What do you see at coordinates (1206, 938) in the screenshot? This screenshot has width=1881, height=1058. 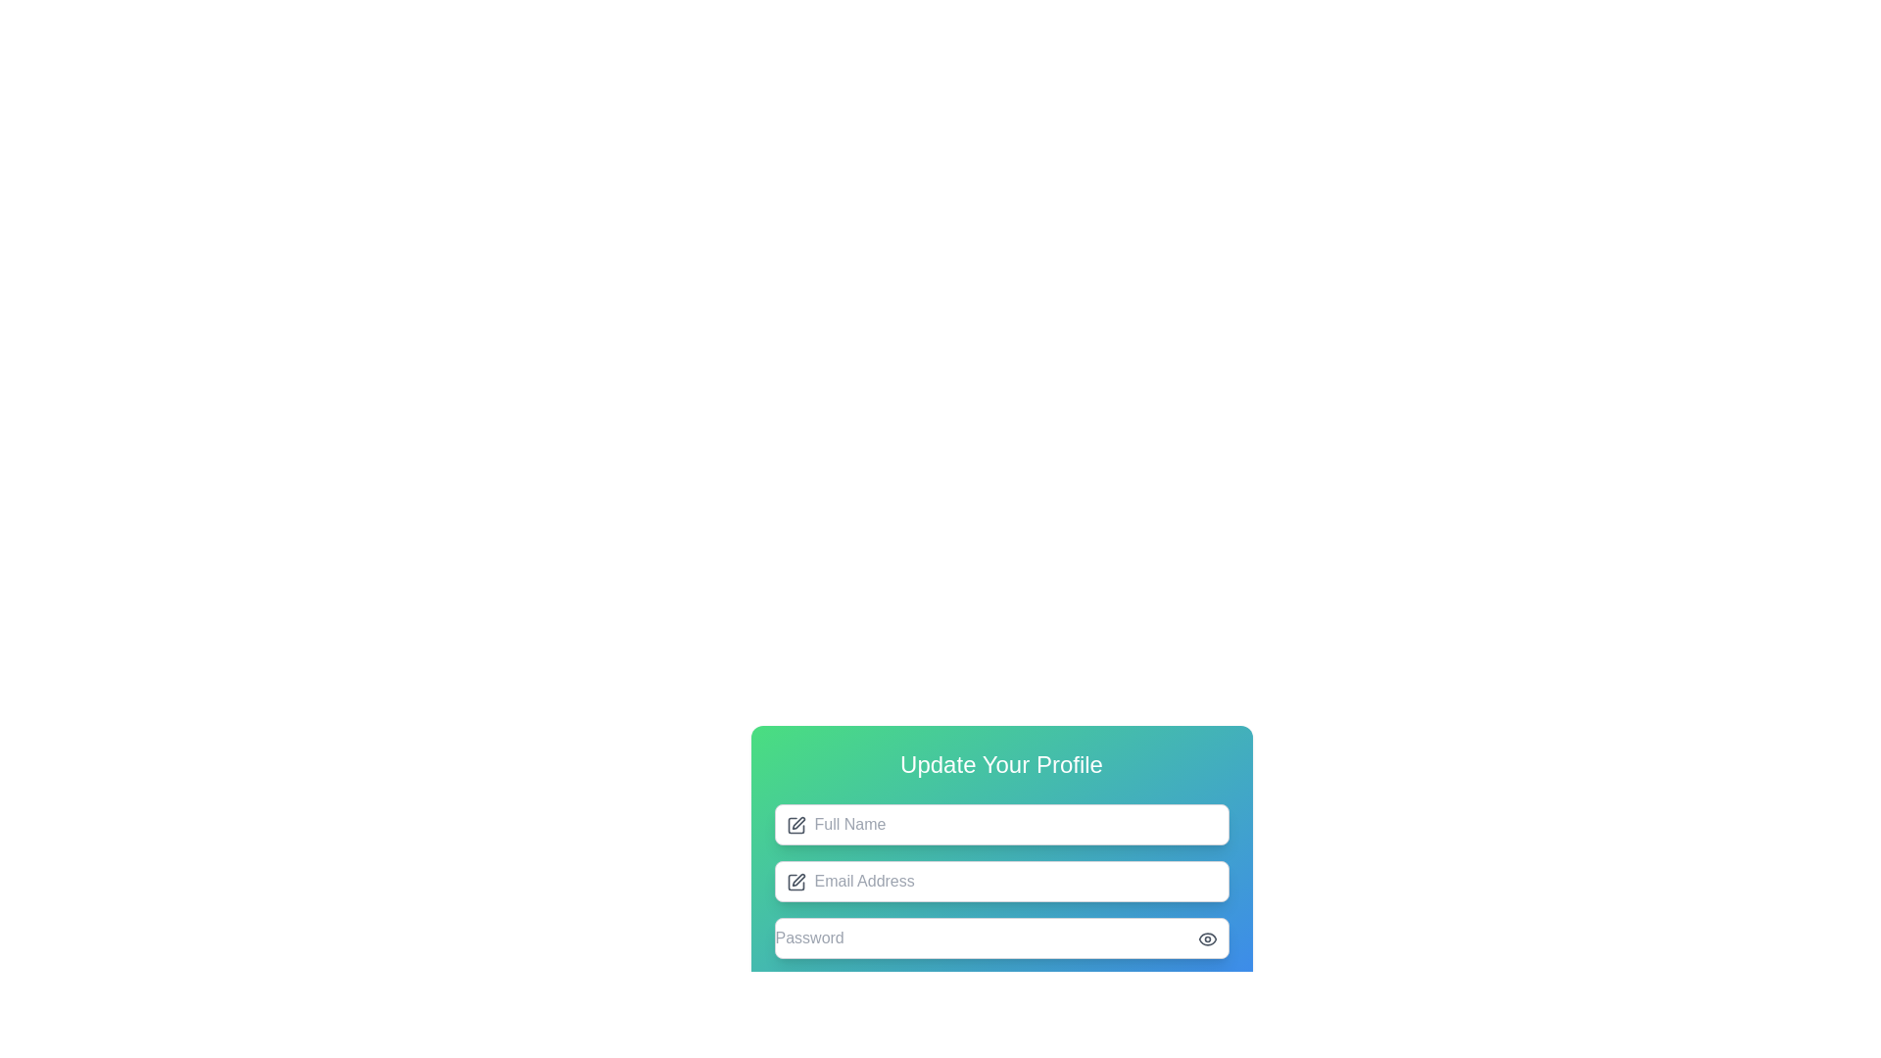 I see `the button with an eye icon located at the top-right corner of the password input field in the 'Update Your Profile' form` at bounding box center [1206, 938].